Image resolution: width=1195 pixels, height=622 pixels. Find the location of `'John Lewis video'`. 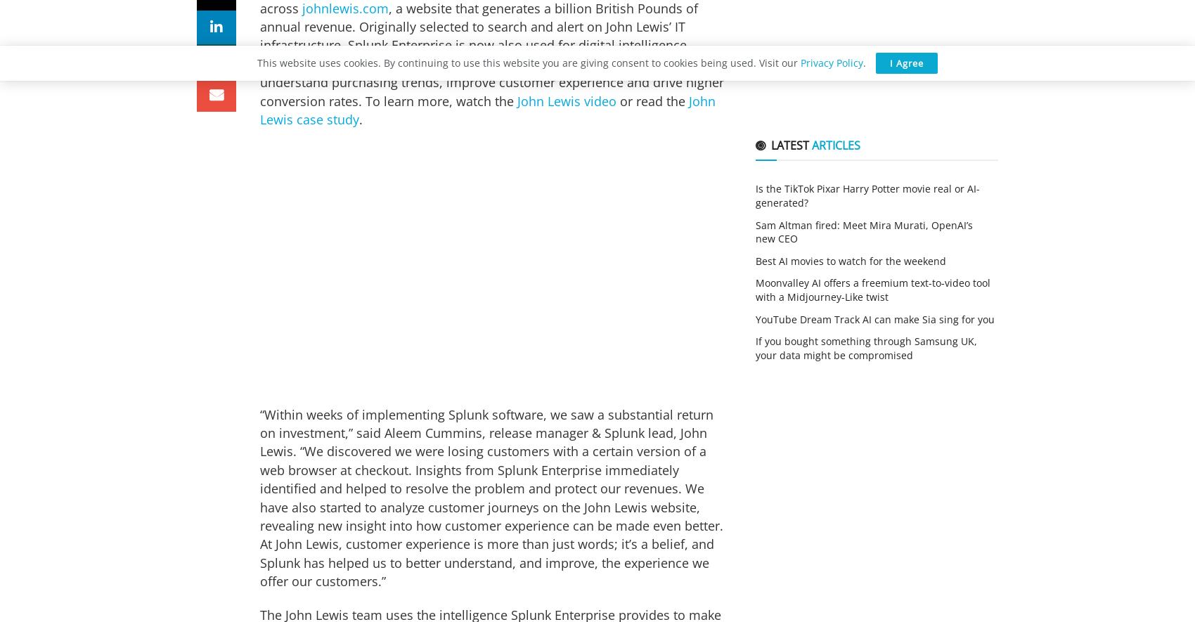

'John Lewis video' is located at coordinates (566, 100).